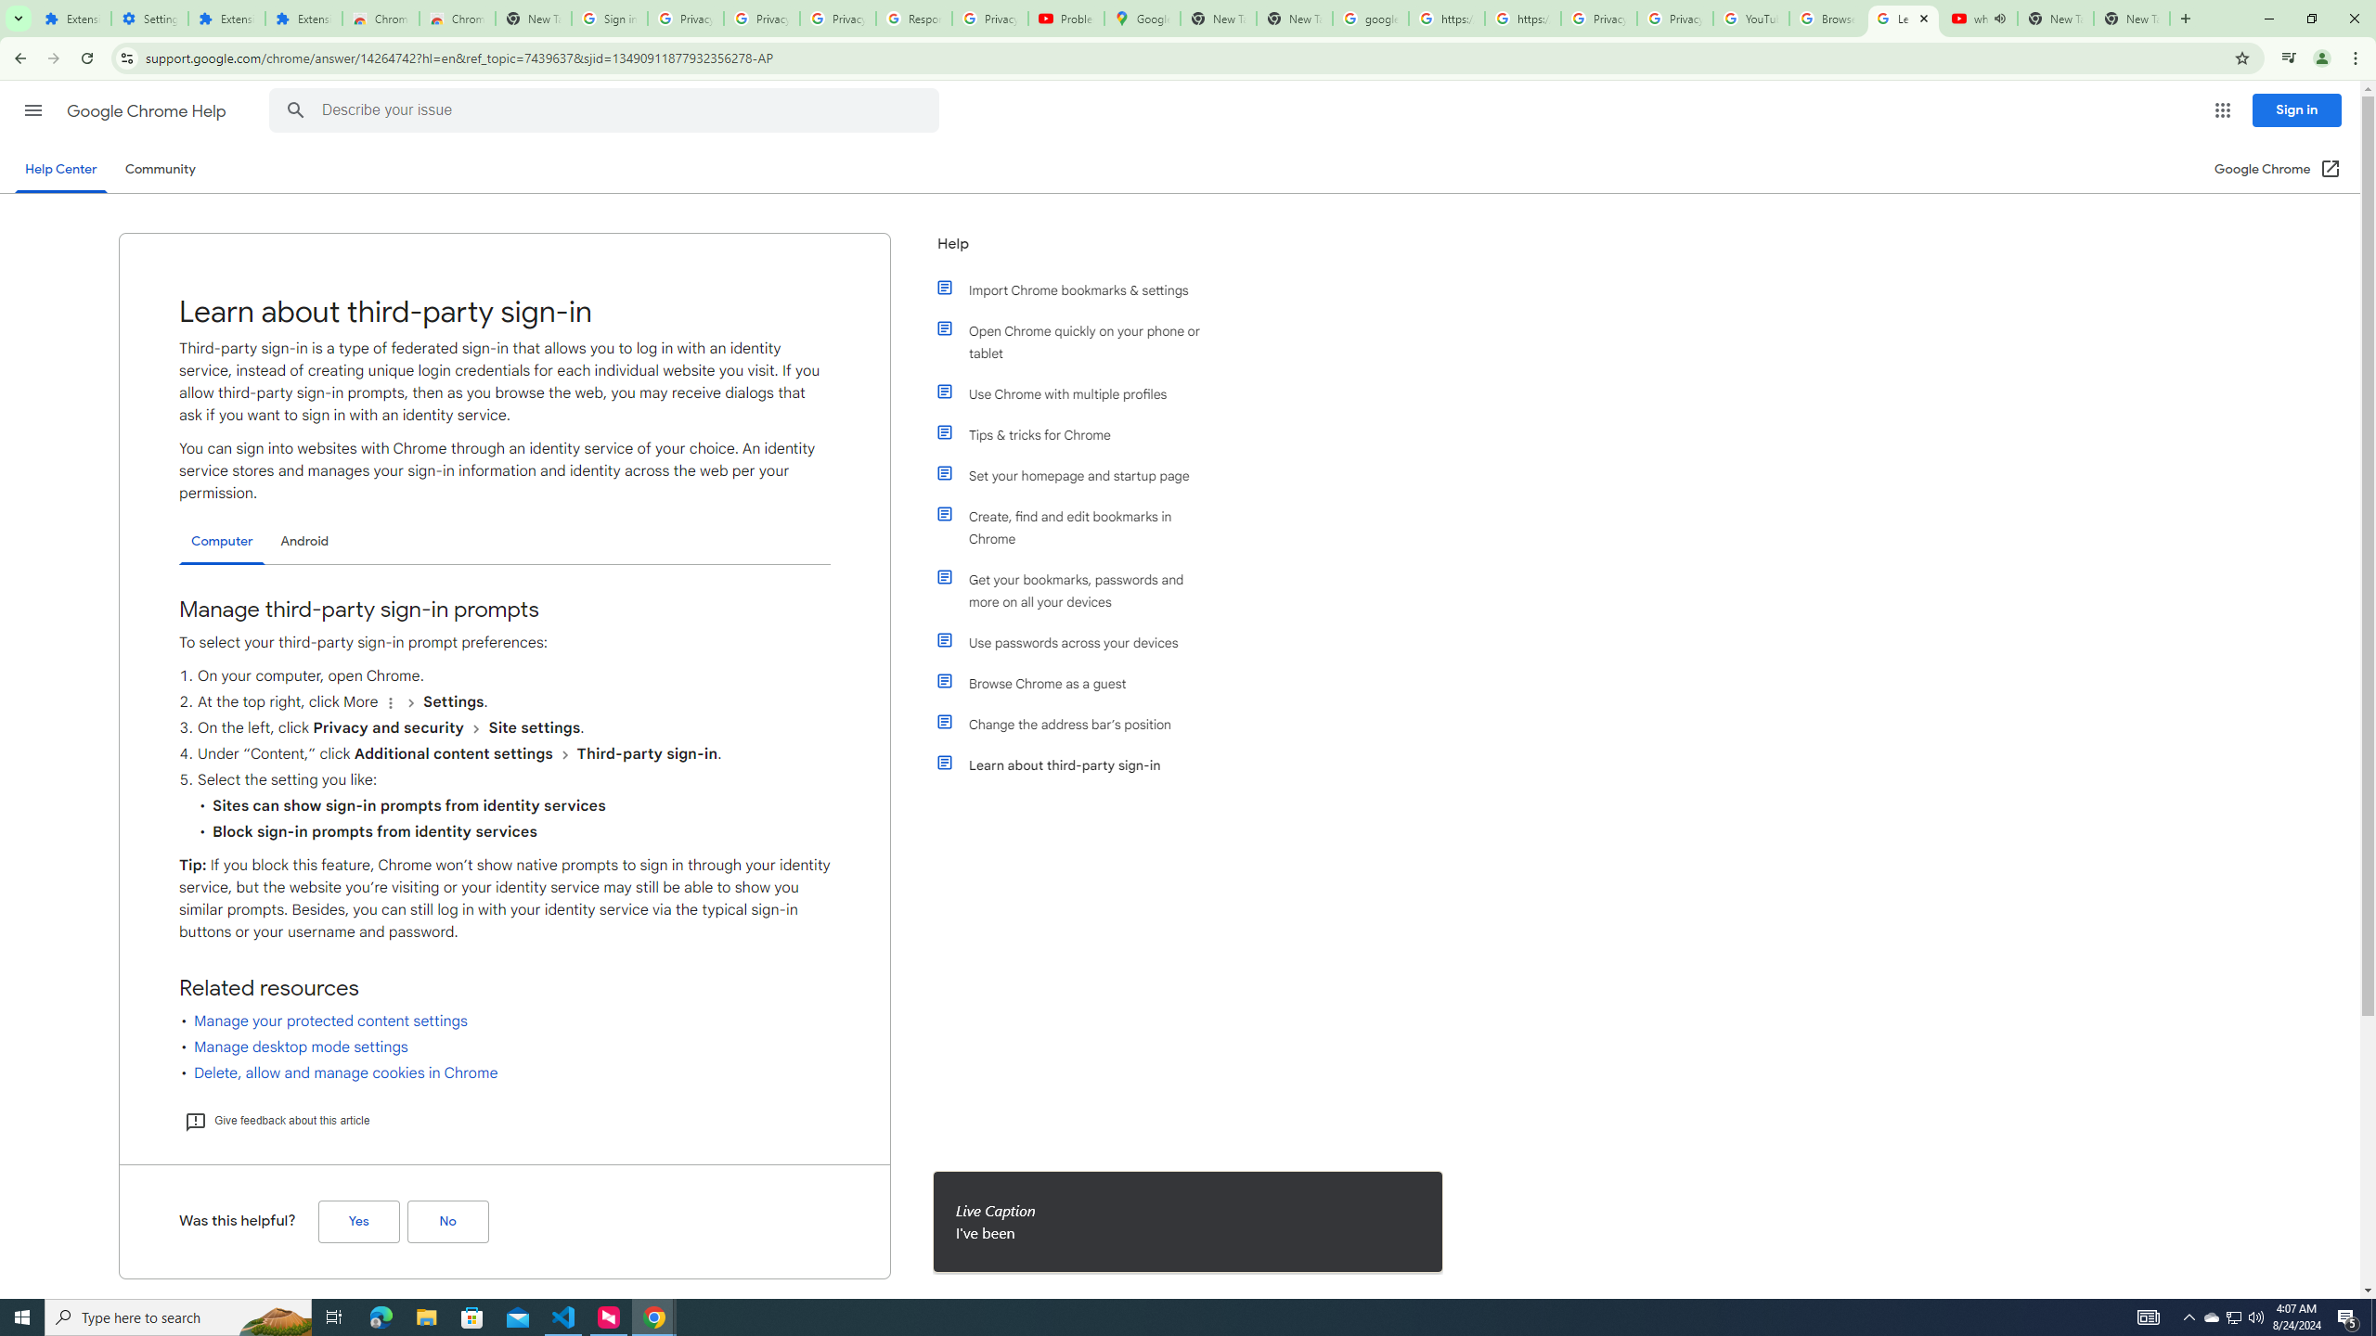 Image resolution: width=2376 pixels, height=1336 pixels. What do you see at coordinates (380, 18) in the screenshot?
I see `'Chrome Web Store'` at bounding box center [380, 18].